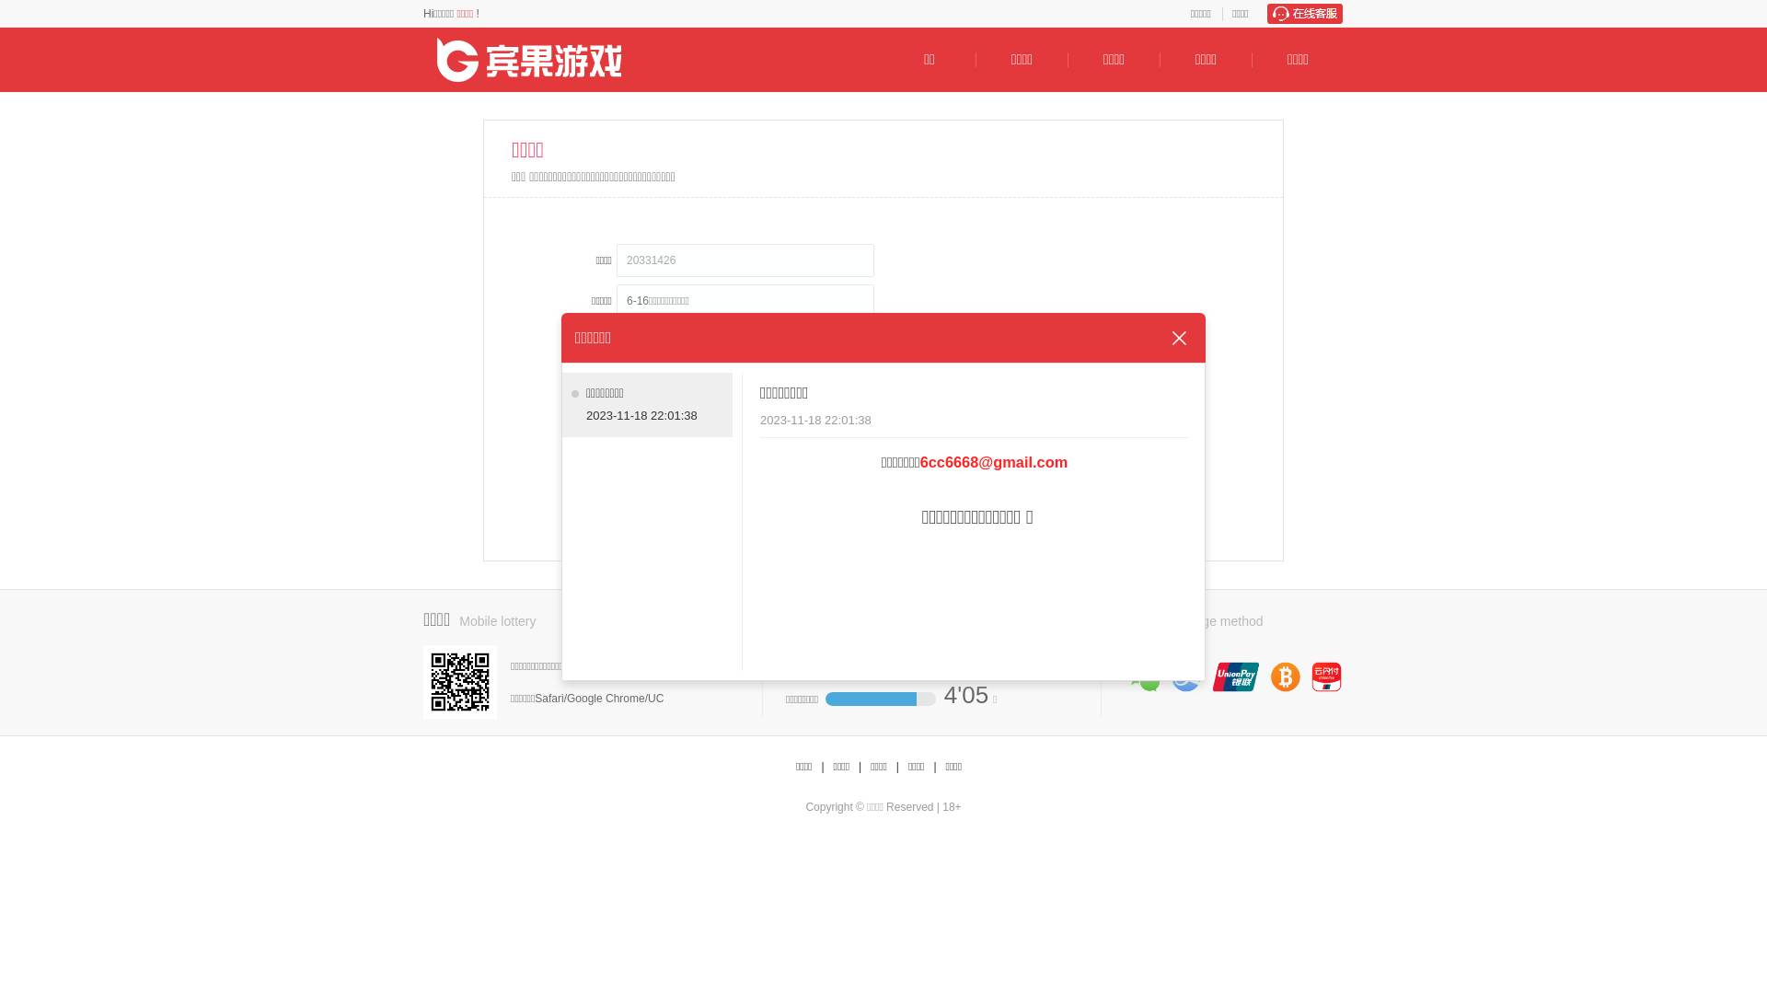 Image resolution: width=1767 pixels, height=994 pixels. Describe the element at coordinates (897, 767) in the screenshot. I see `'|'` at that location.